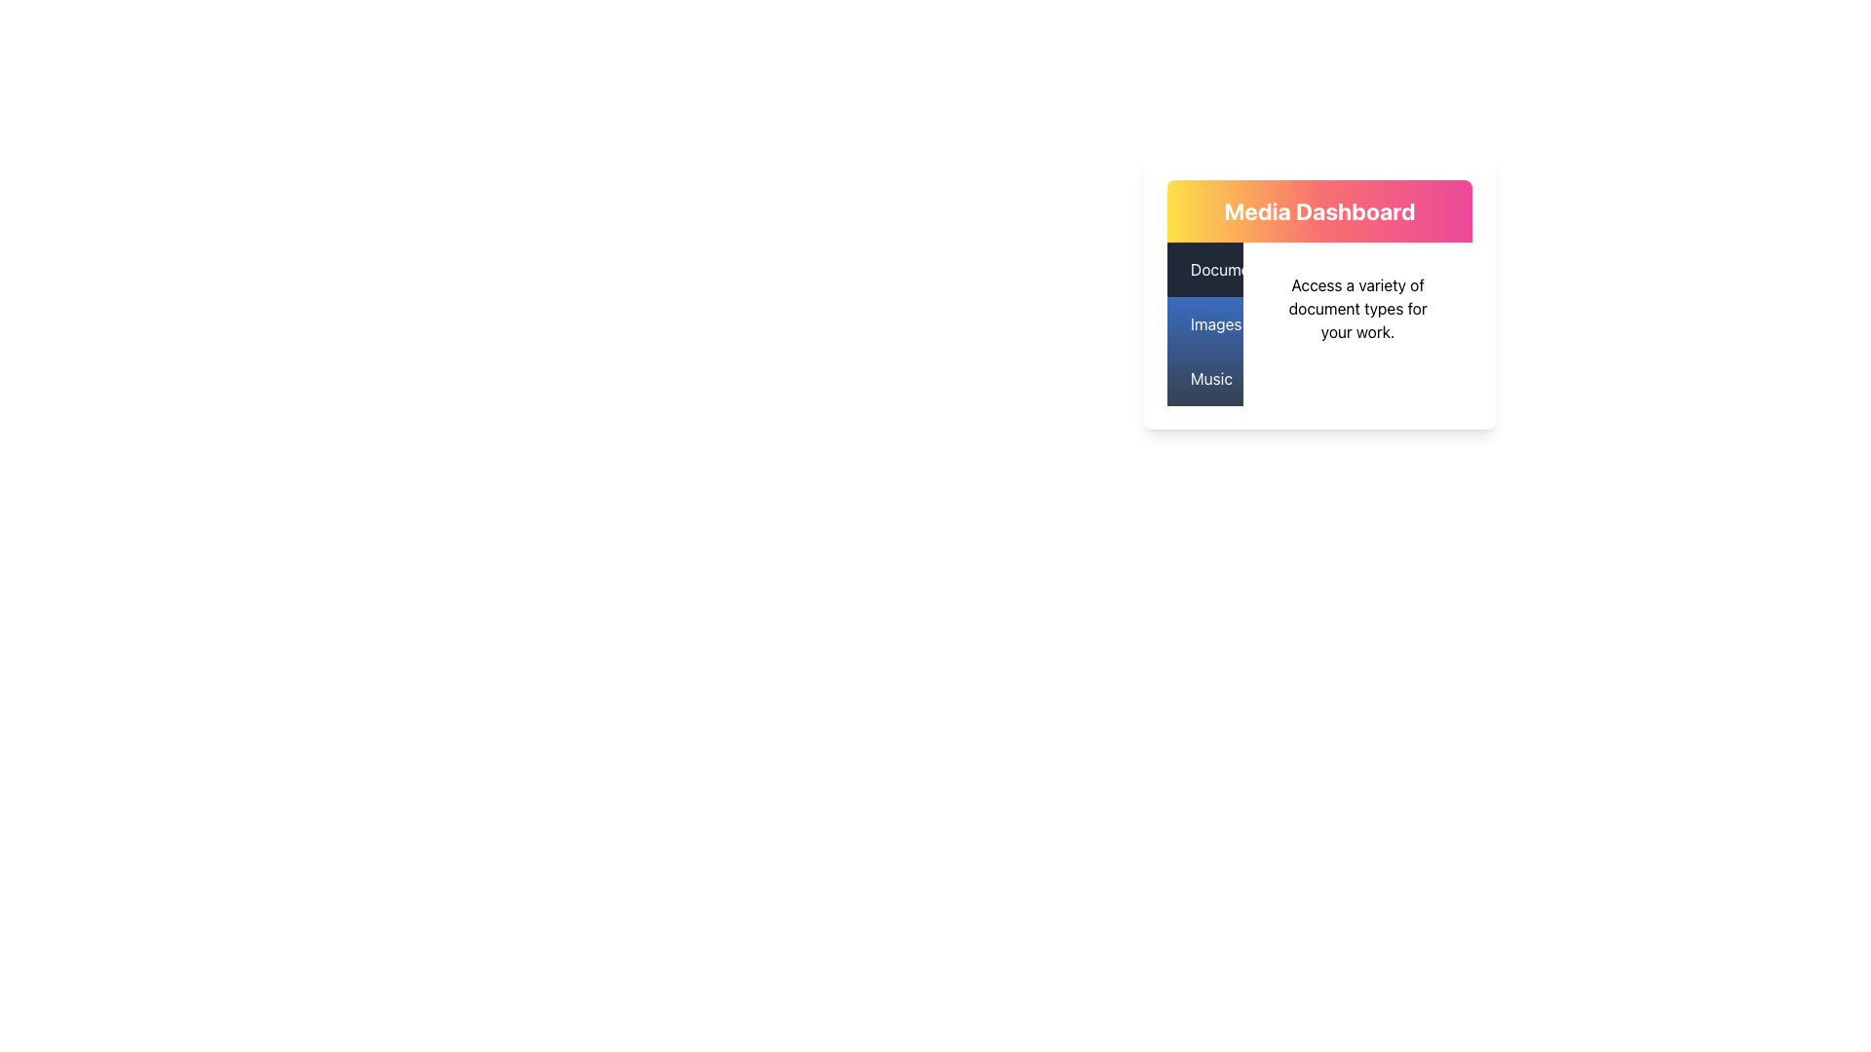 This screenshot has width=1871, height=1052. Describe the element at coordinates (1319, 210) in the screenshot. I see `title of the header banner that displays 'Media Dashboard' in bold white text on a gradient background from yellow to pink` at that location.